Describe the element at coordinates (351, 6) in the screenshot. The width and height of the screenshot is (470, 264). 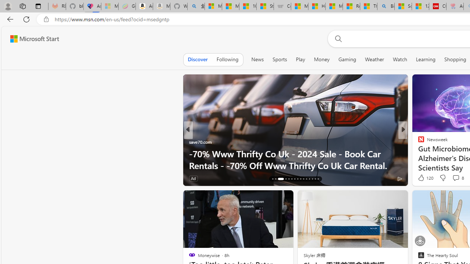
I see `'Recipes - MSN'` at that location.